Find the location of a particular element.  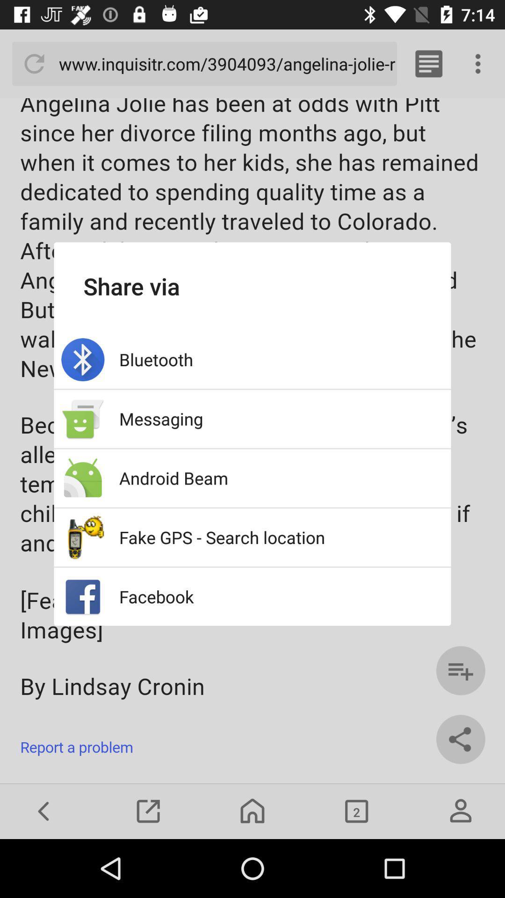

the playlist icon is located at coordinates (460, 670).